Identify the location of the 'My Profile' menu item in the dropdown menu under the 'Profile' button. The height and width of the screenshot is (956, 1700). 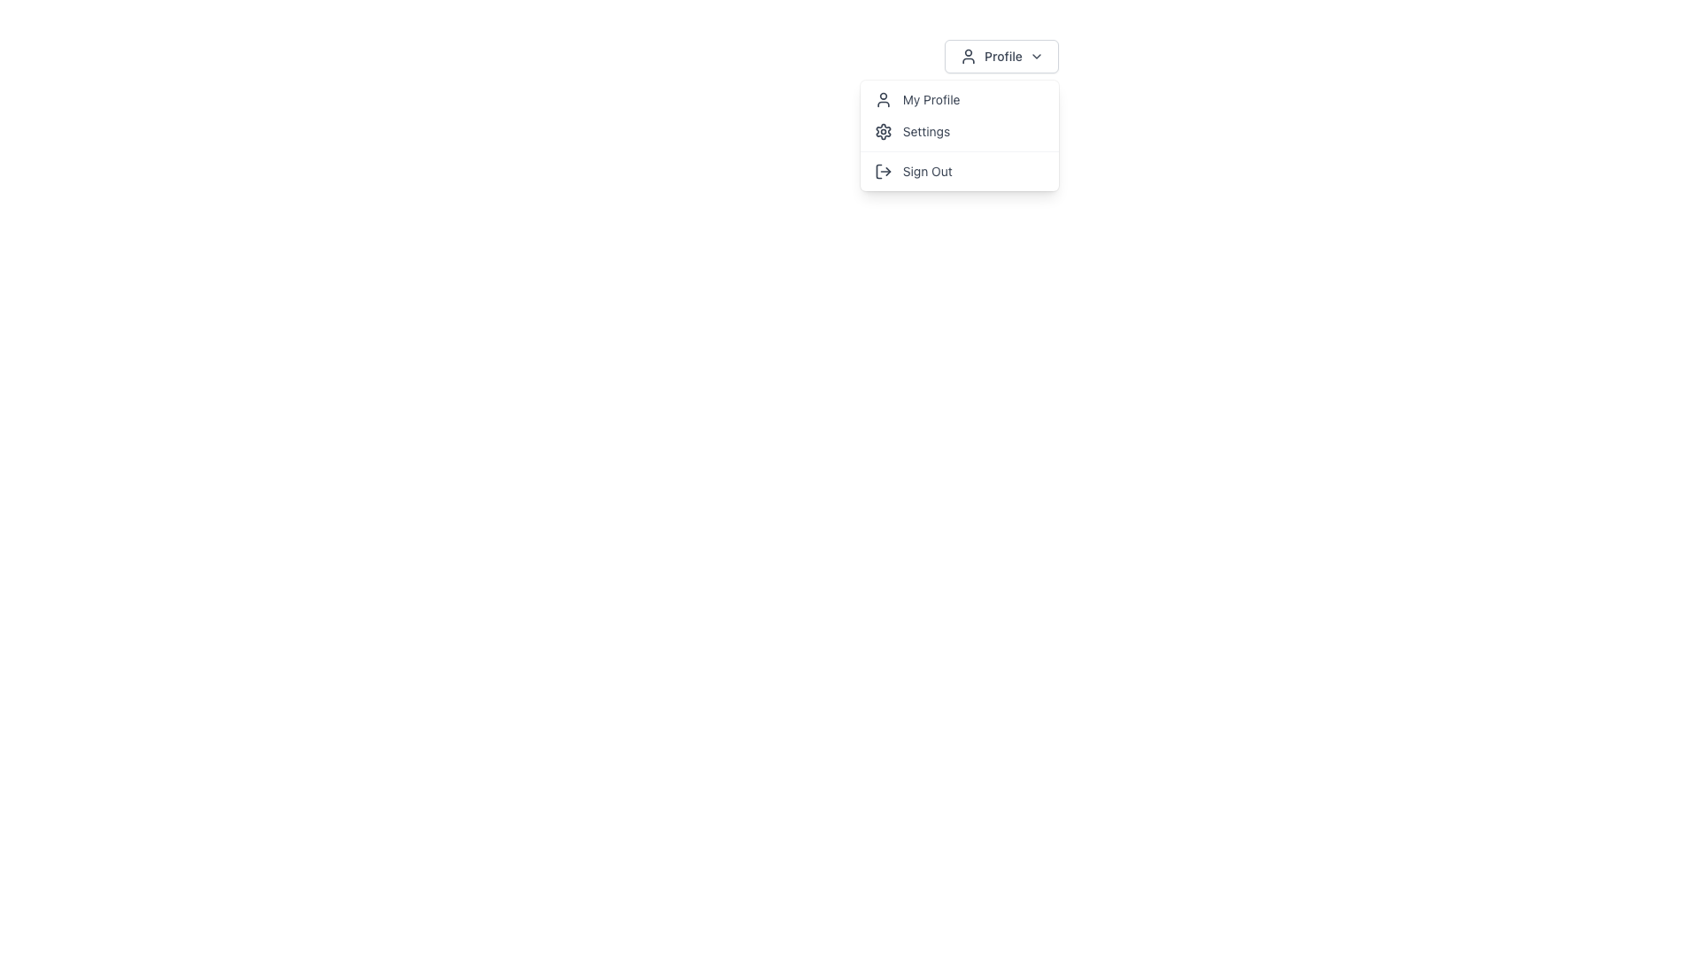
(958, 99).